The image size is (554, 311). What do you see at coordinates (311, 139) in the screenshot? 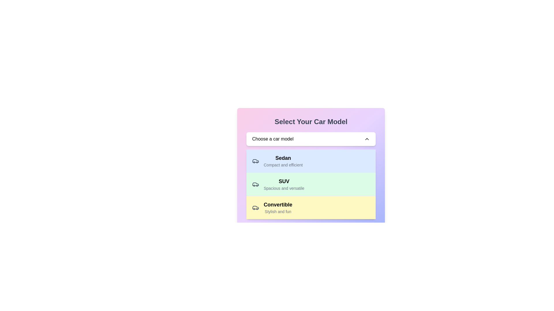
I see `the dropdown menu labeled 'Choose a car model'` at bounding box center [311, 139].